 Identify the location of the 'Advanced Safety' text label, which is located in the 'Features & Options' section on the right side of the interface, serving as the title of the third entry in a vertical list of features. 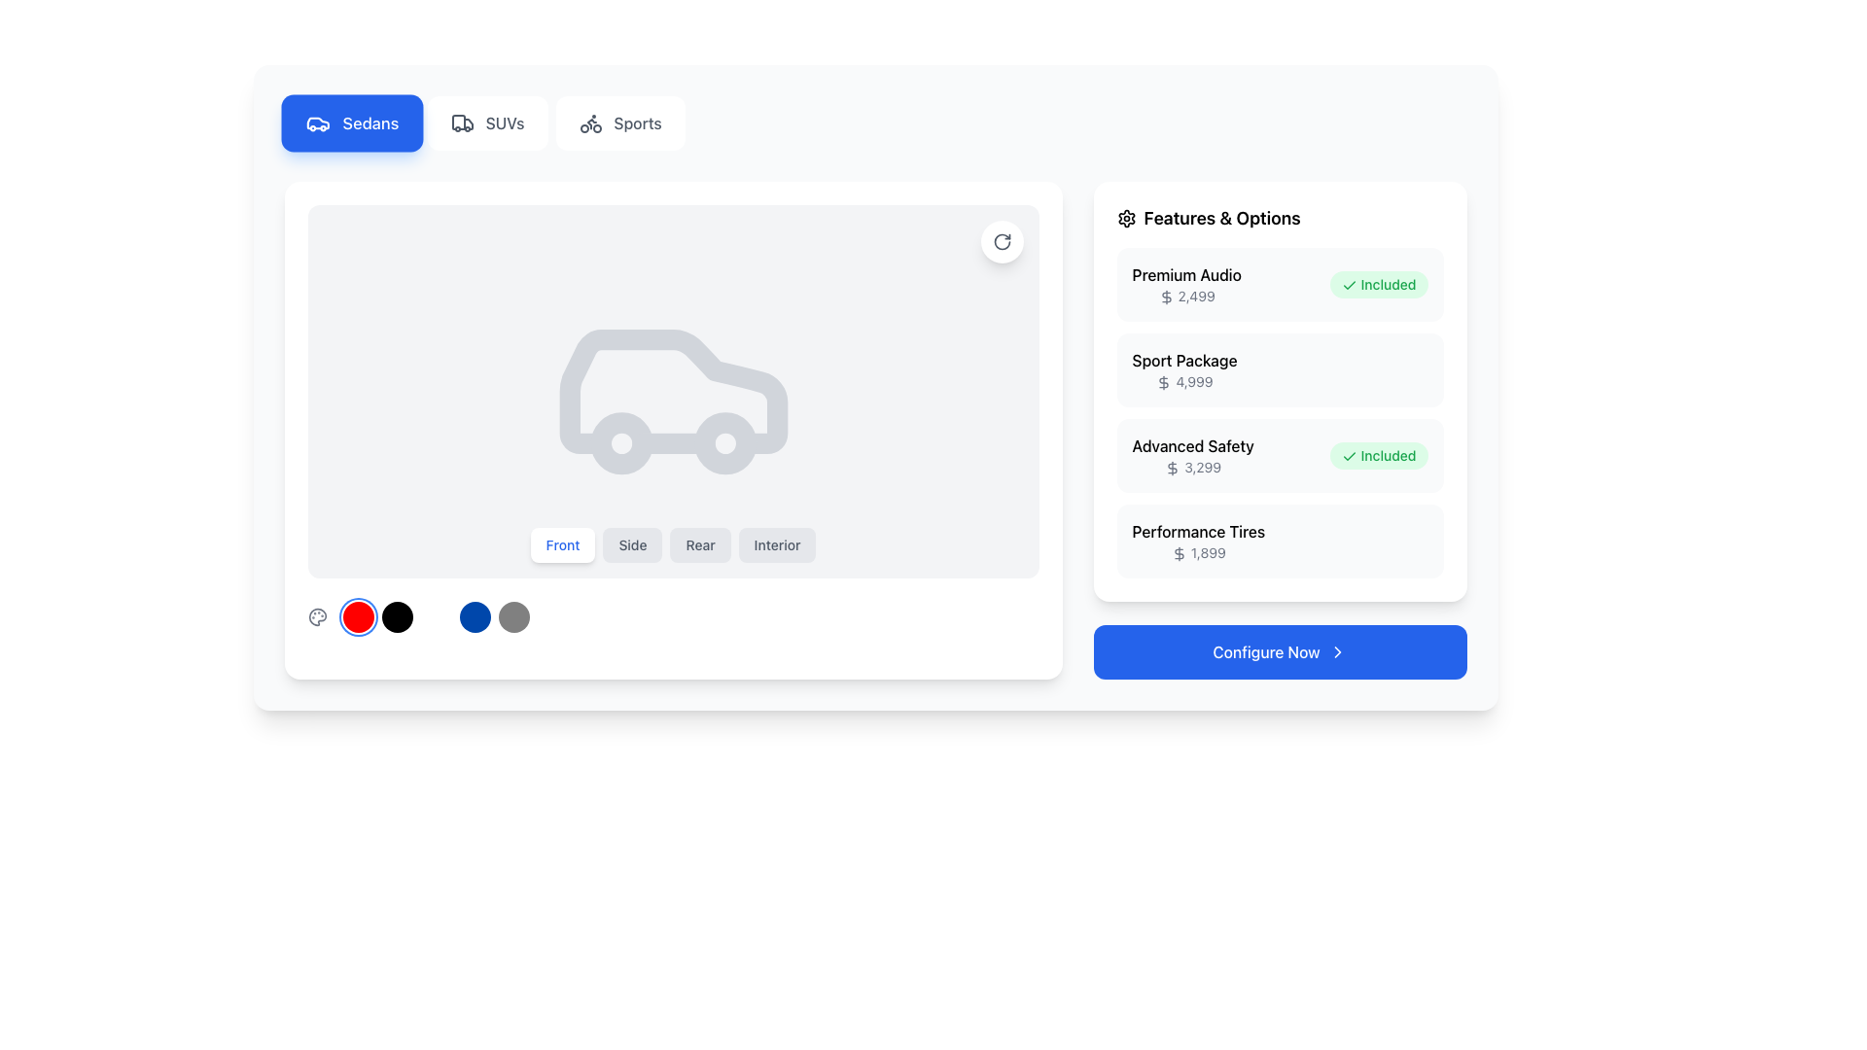
(1192, 446).